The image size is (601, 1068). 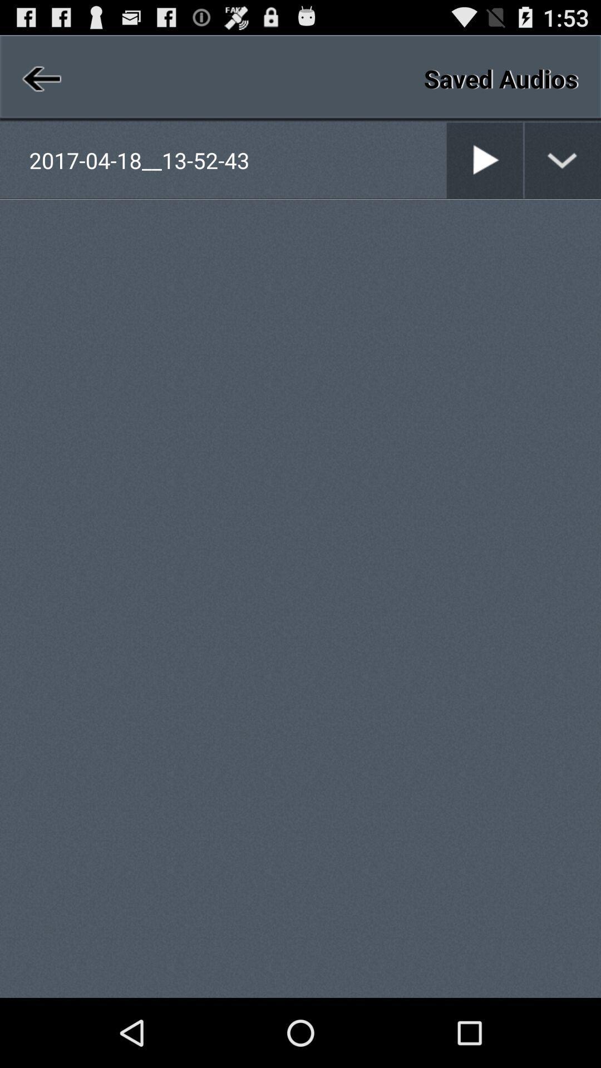 What do you see at coordinates (40, 78) in the screenshot?
I see `previous` at bounding box center [40, 78].